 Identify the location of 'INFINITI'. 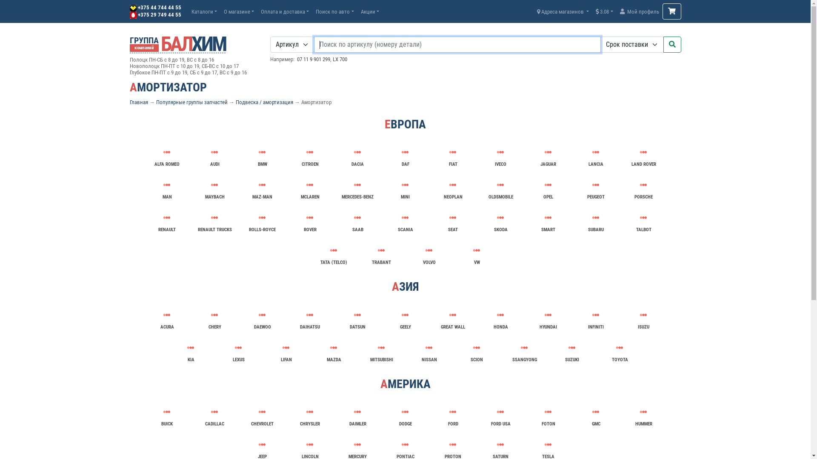
(595, 314).